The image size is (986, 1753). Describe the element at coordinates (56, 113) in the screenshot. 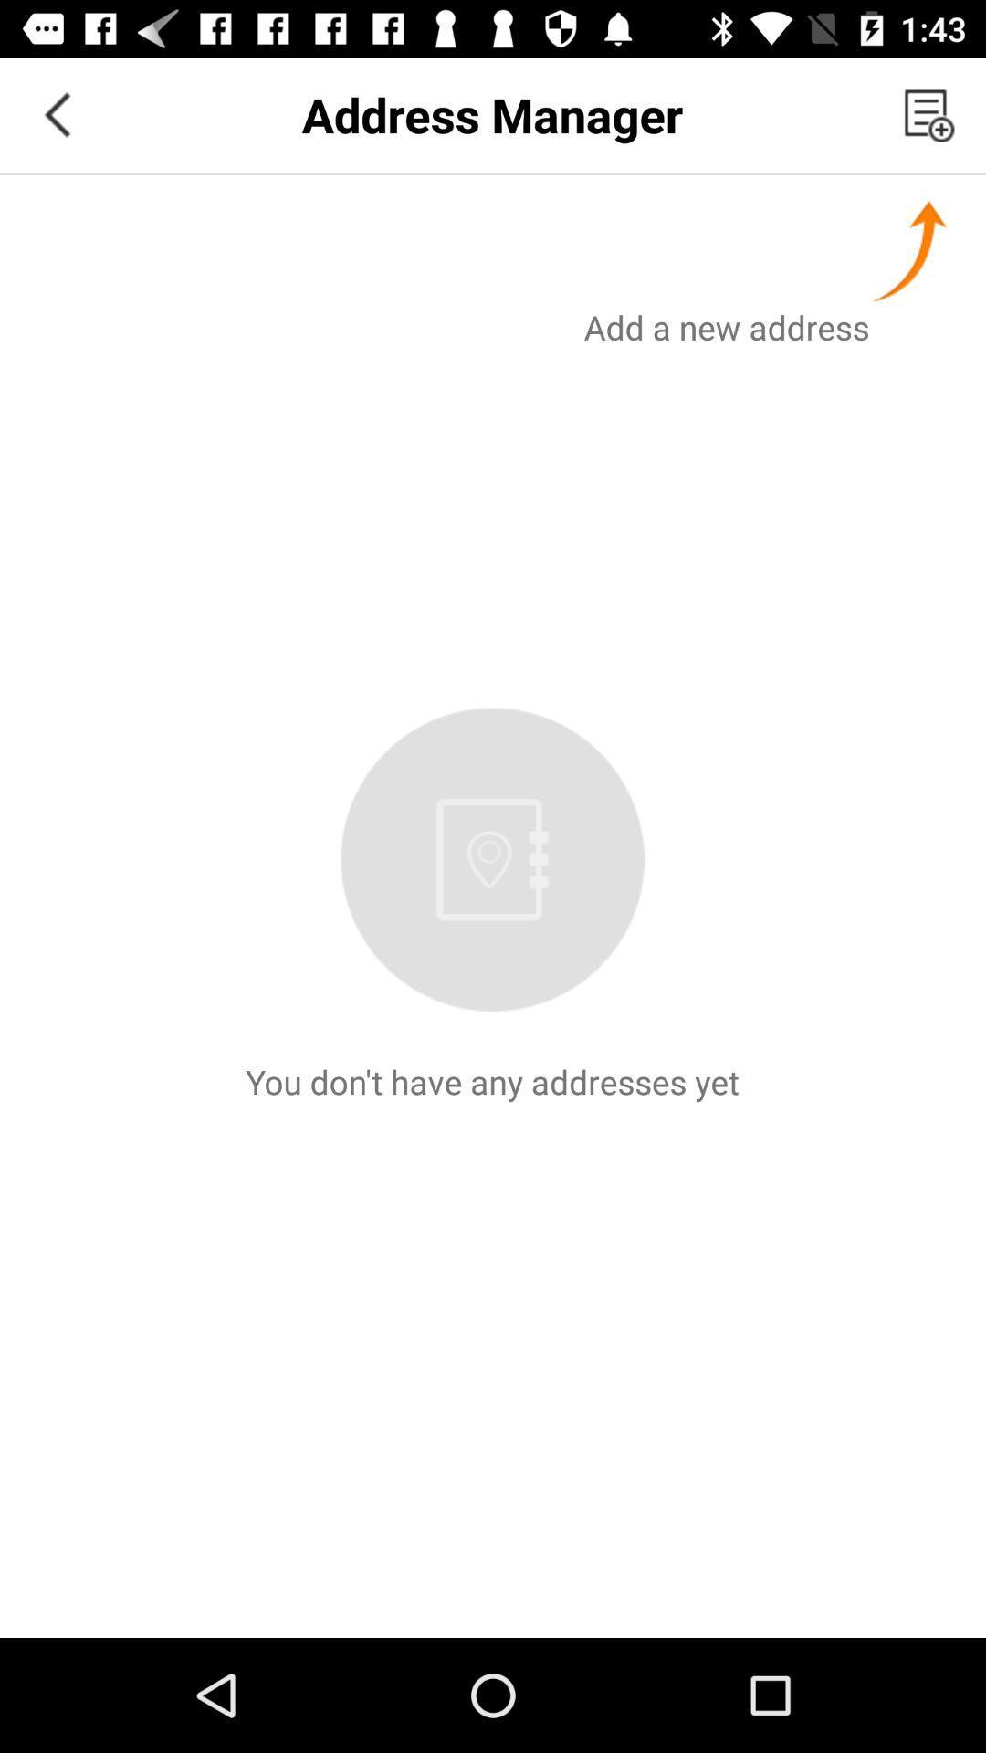

I see `back button` at that location.